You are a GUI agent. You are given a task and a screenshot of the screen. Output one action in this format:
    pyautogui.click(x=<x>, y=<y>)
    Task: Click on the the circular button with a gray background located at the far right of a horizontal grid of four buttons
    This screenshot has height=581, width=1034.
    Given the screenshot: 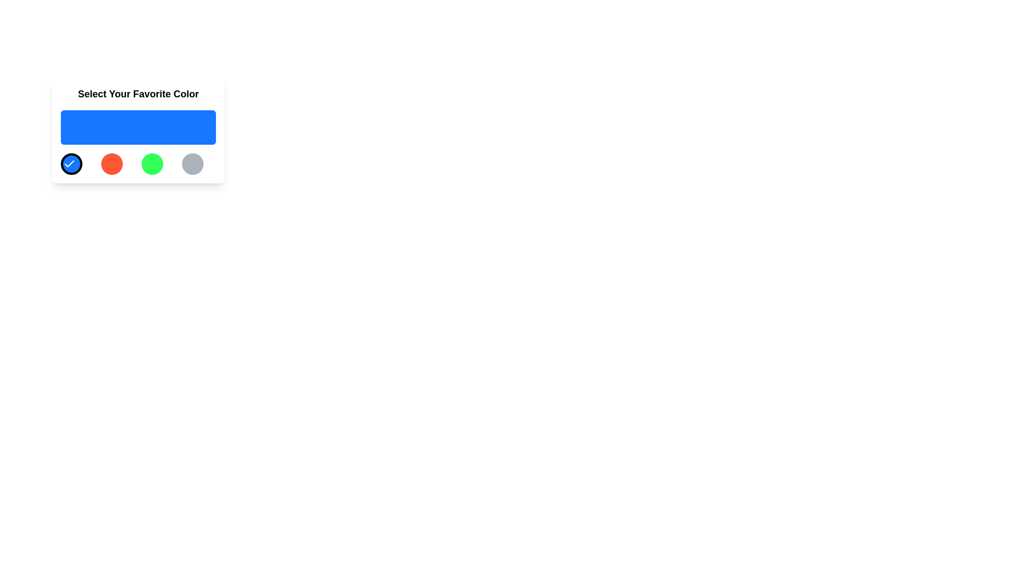 What is the action you would take?
    pyautogui.click(x=193, y=164)
    